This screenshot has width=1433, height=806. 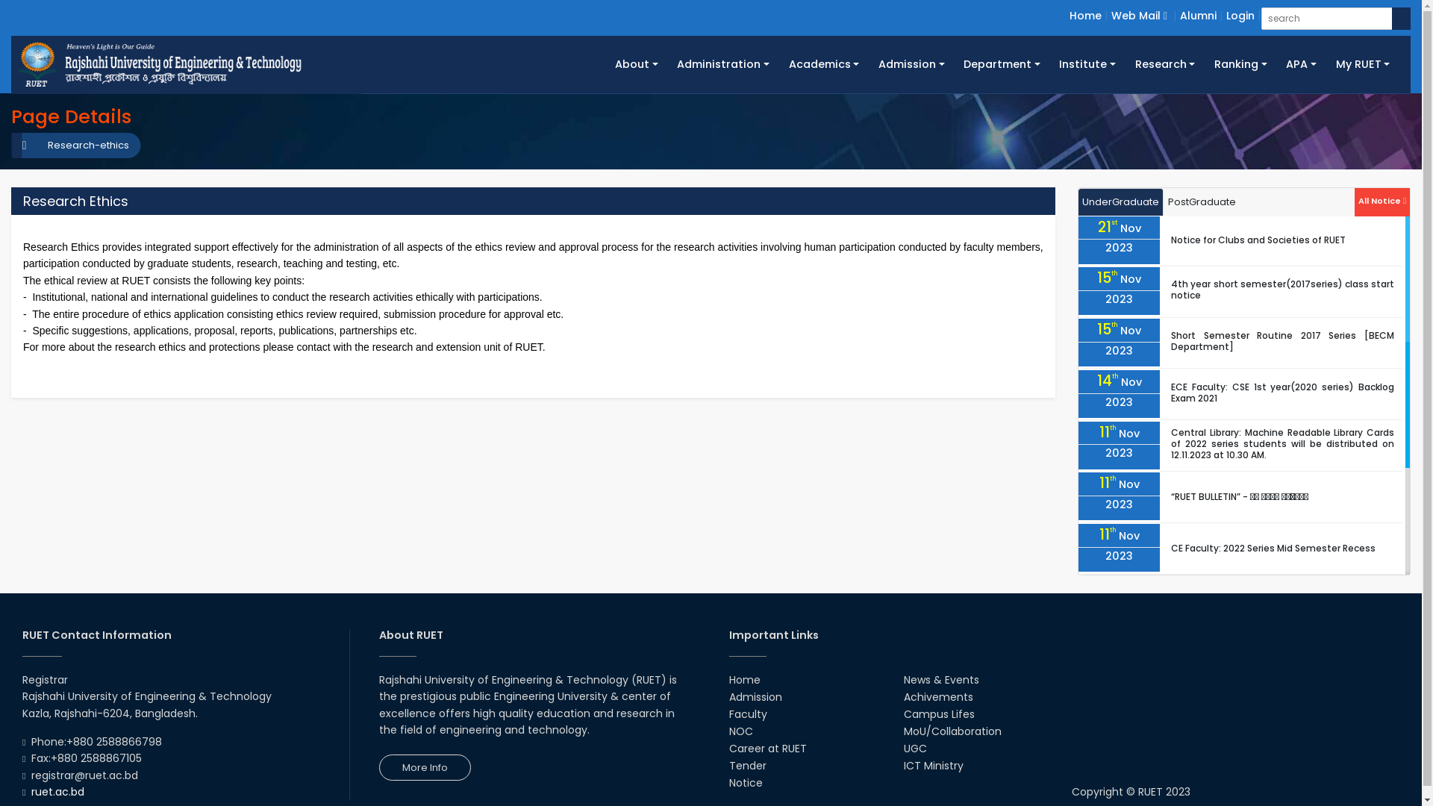 What do you see at coordinates (379, 767) in the screenshot?
I see `'More Info'` at bounding box center [379, 767].